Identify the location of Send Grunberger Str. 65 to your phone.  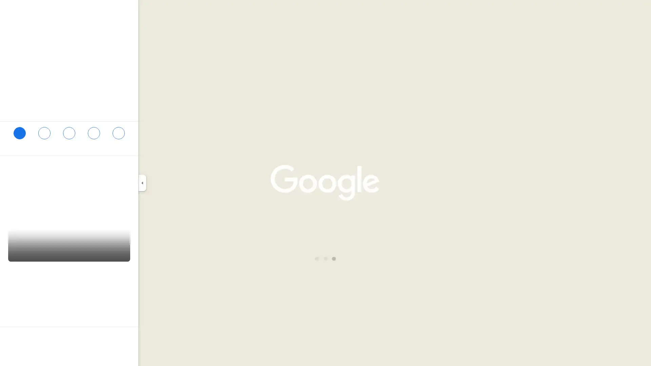
(93, 138).